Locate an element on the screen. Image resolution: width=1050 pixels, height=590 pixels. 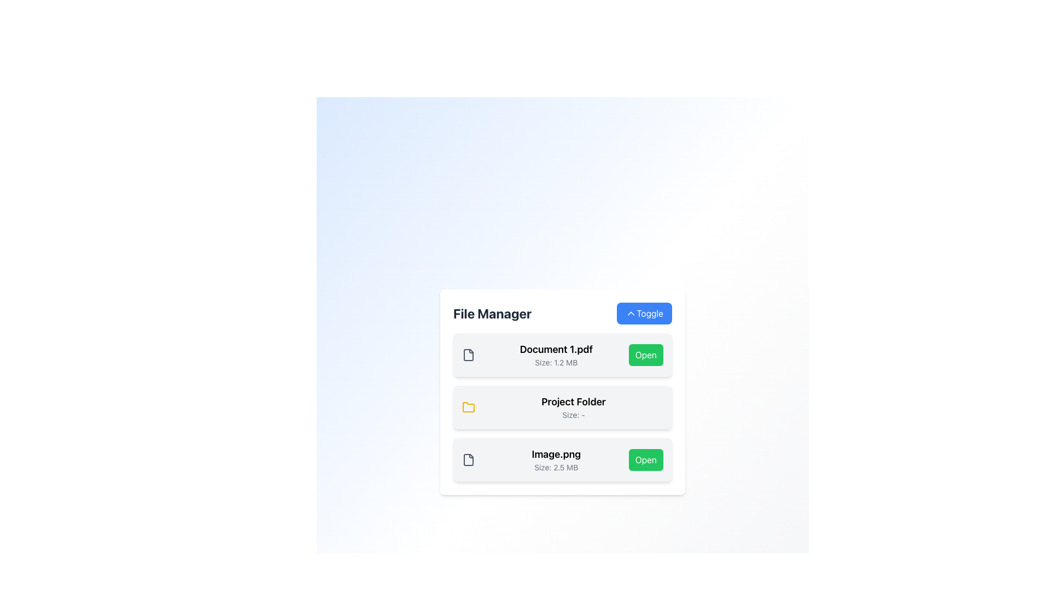
the 'Open' button located to the right of the 'Image.png' label in the file listing is located at coordinates (645, 459).